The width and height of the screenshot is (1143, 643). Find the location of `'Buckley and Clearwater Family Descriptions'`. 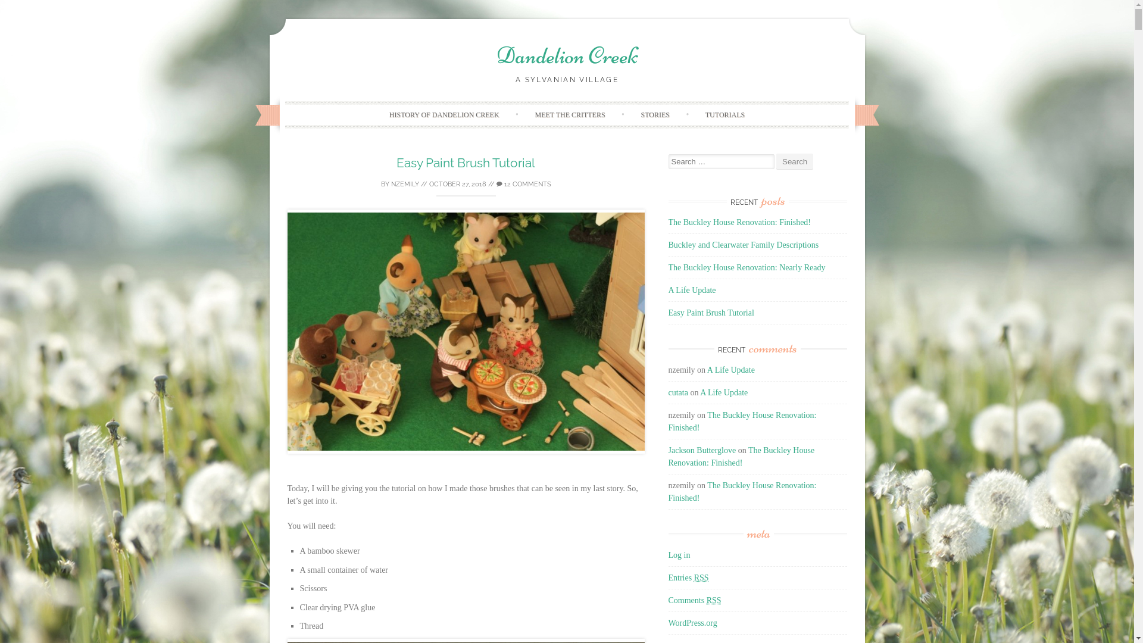

'Buckley and Clearwater Family Descriptions' is located at coordinates (742, 244).